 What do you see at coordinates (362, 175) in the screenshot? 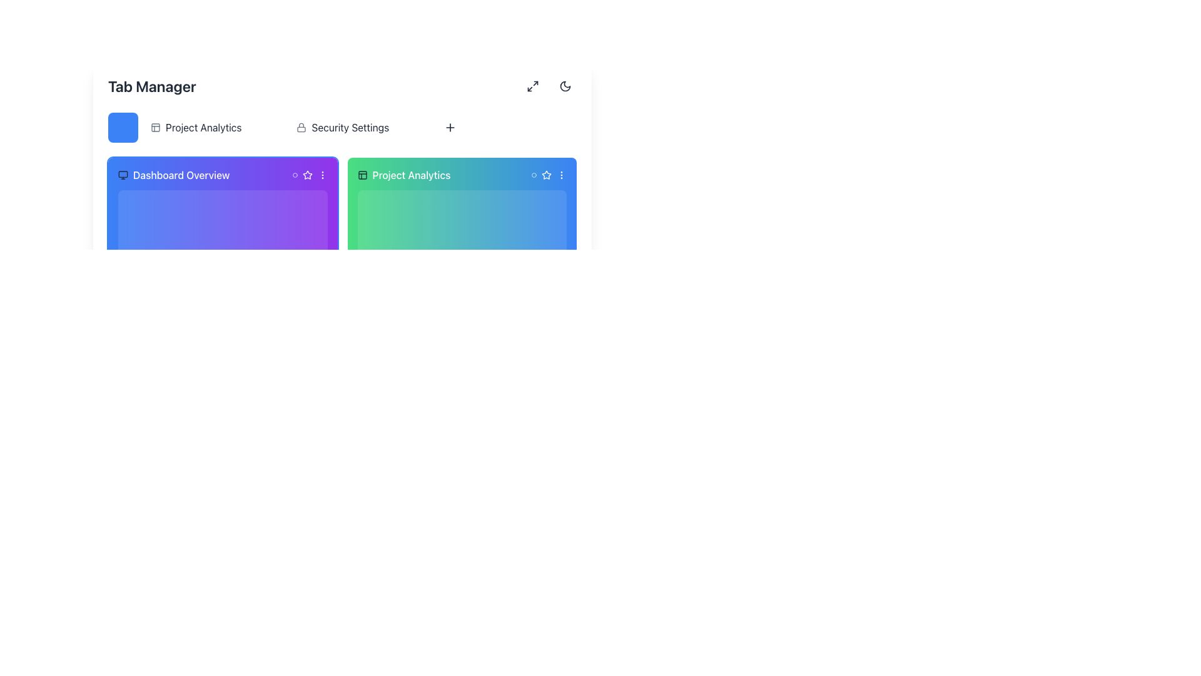
I see `the small icon resembling a panel grid layout located to the left of the 'Project Analytics' text label` at bounding box center [362, 175].